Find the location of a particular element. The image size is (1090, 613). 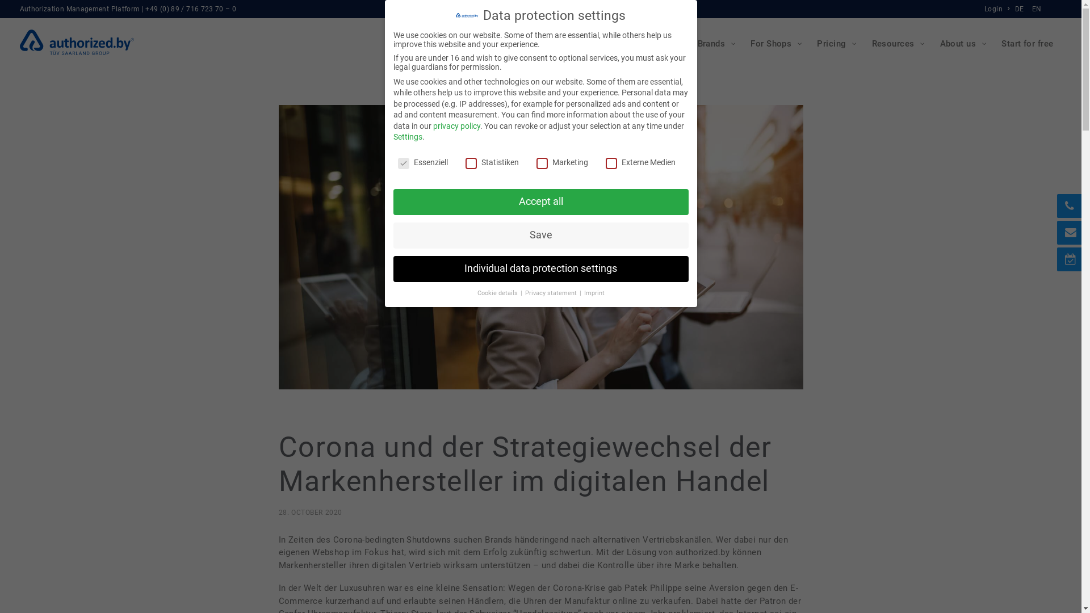

'Imprint' is located at coordinates (583, 292).